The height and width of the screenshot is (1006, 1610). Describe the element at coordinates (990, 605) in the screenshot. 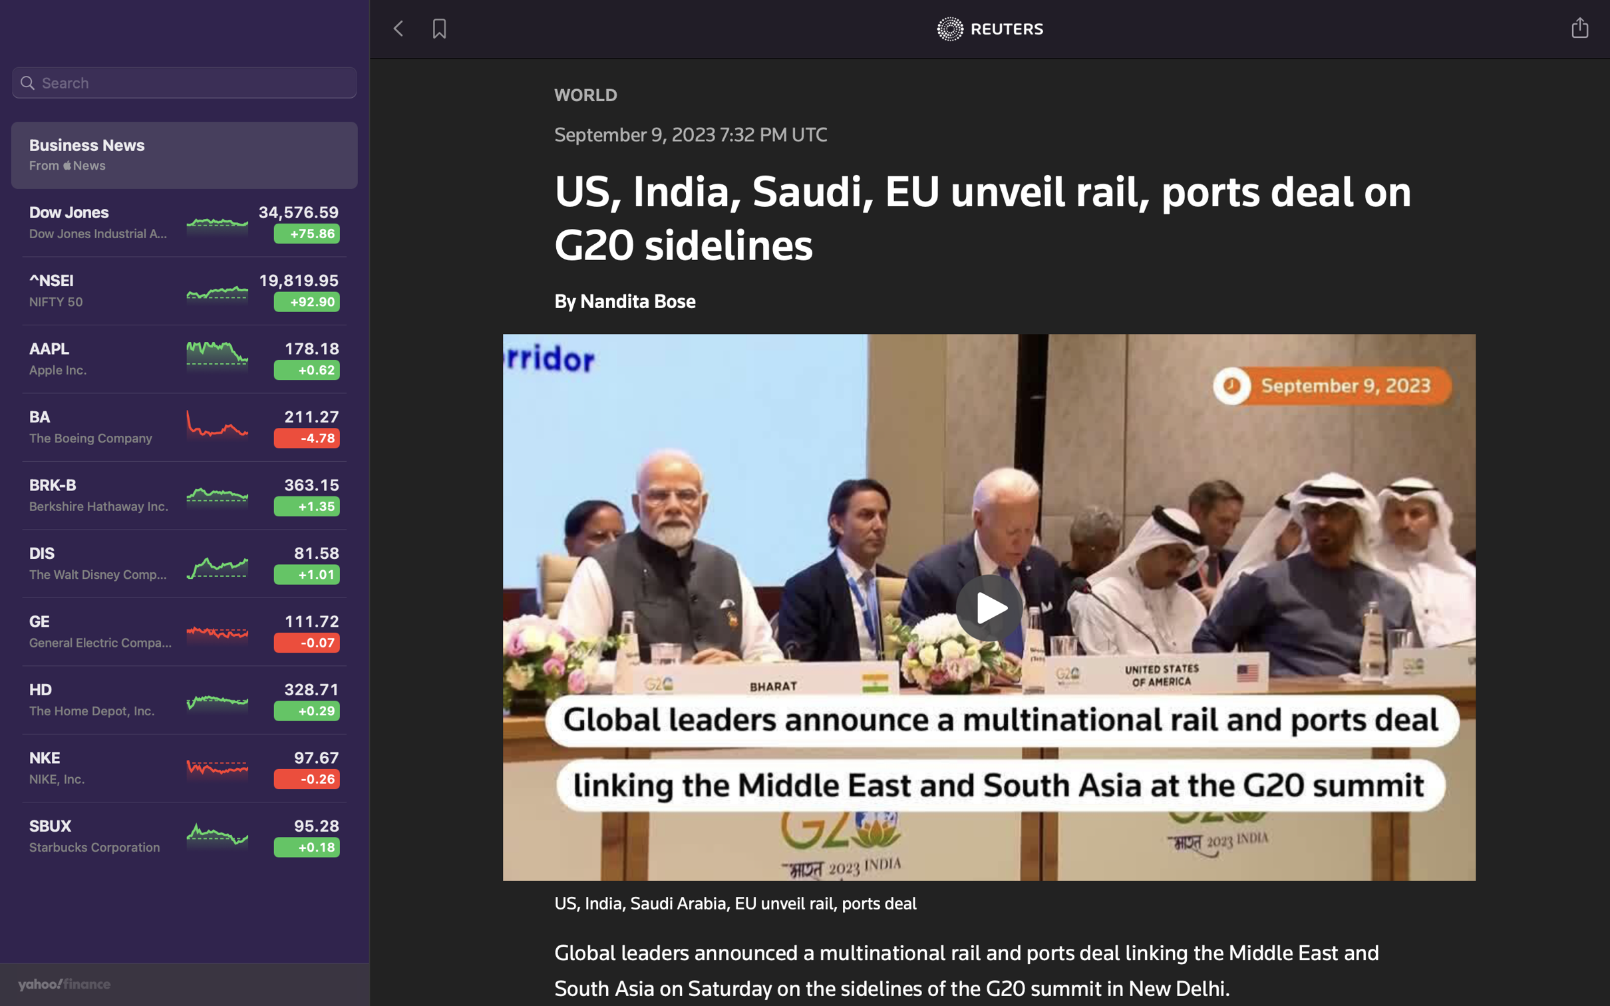

I see `the next news clip in line` at that location.